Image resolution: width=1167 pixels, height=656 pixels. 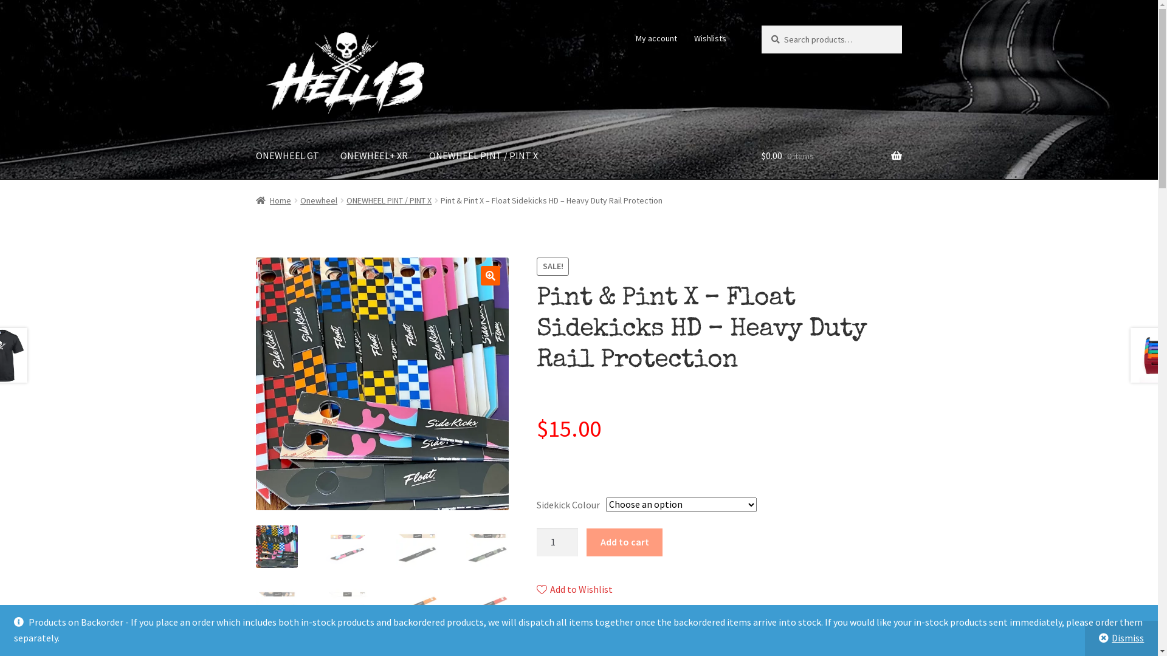 I want to click on 'Add to cart', so click(x=624, y=542).